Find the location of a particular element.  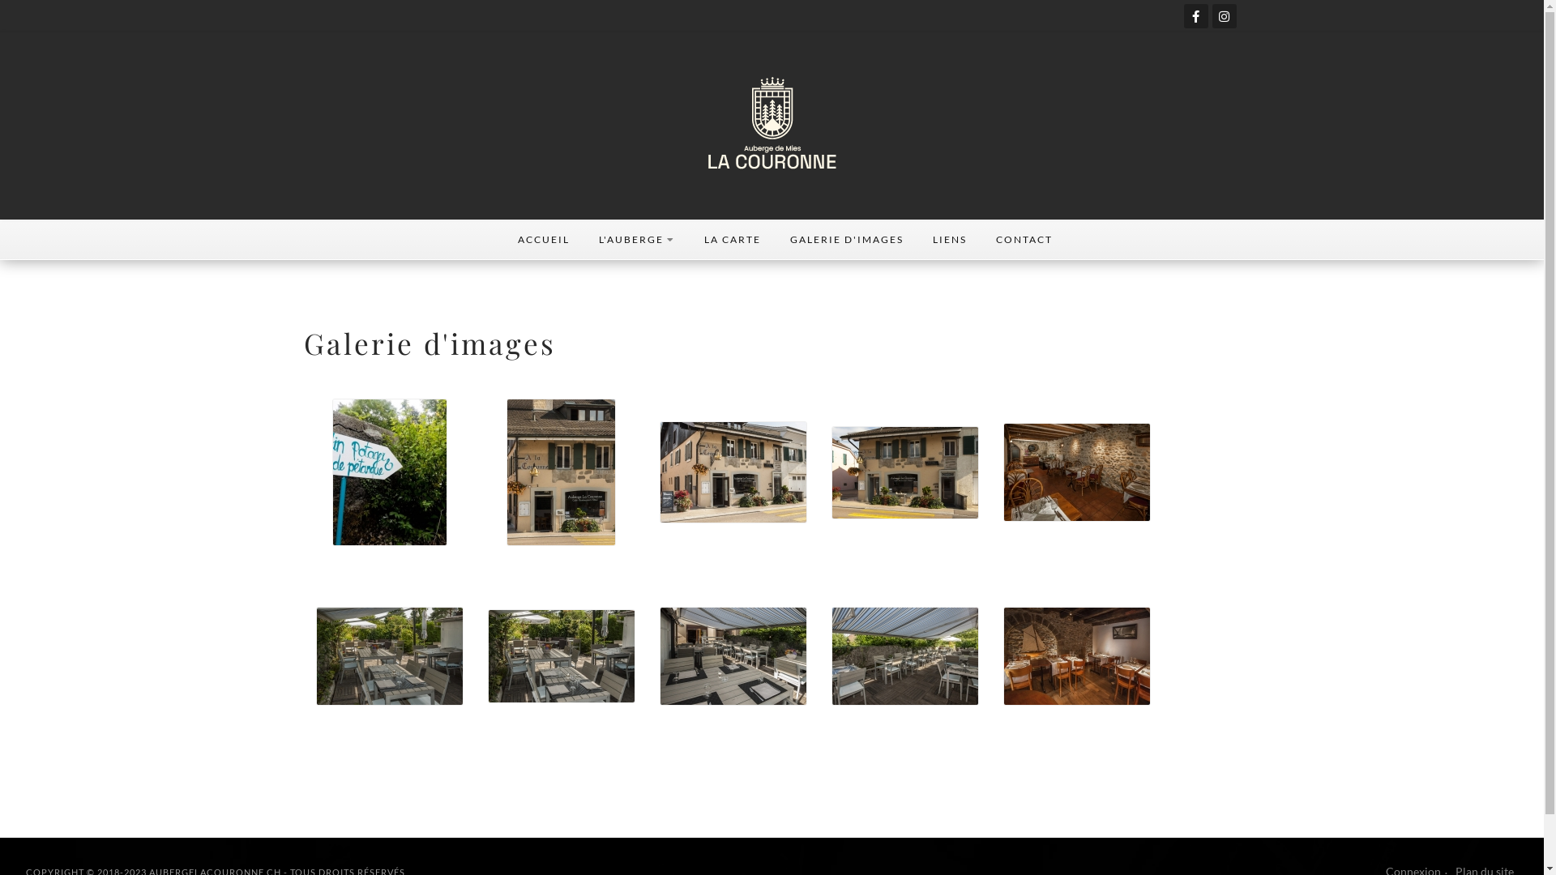

'LA CARTE' is located at coordinates (688, 240).